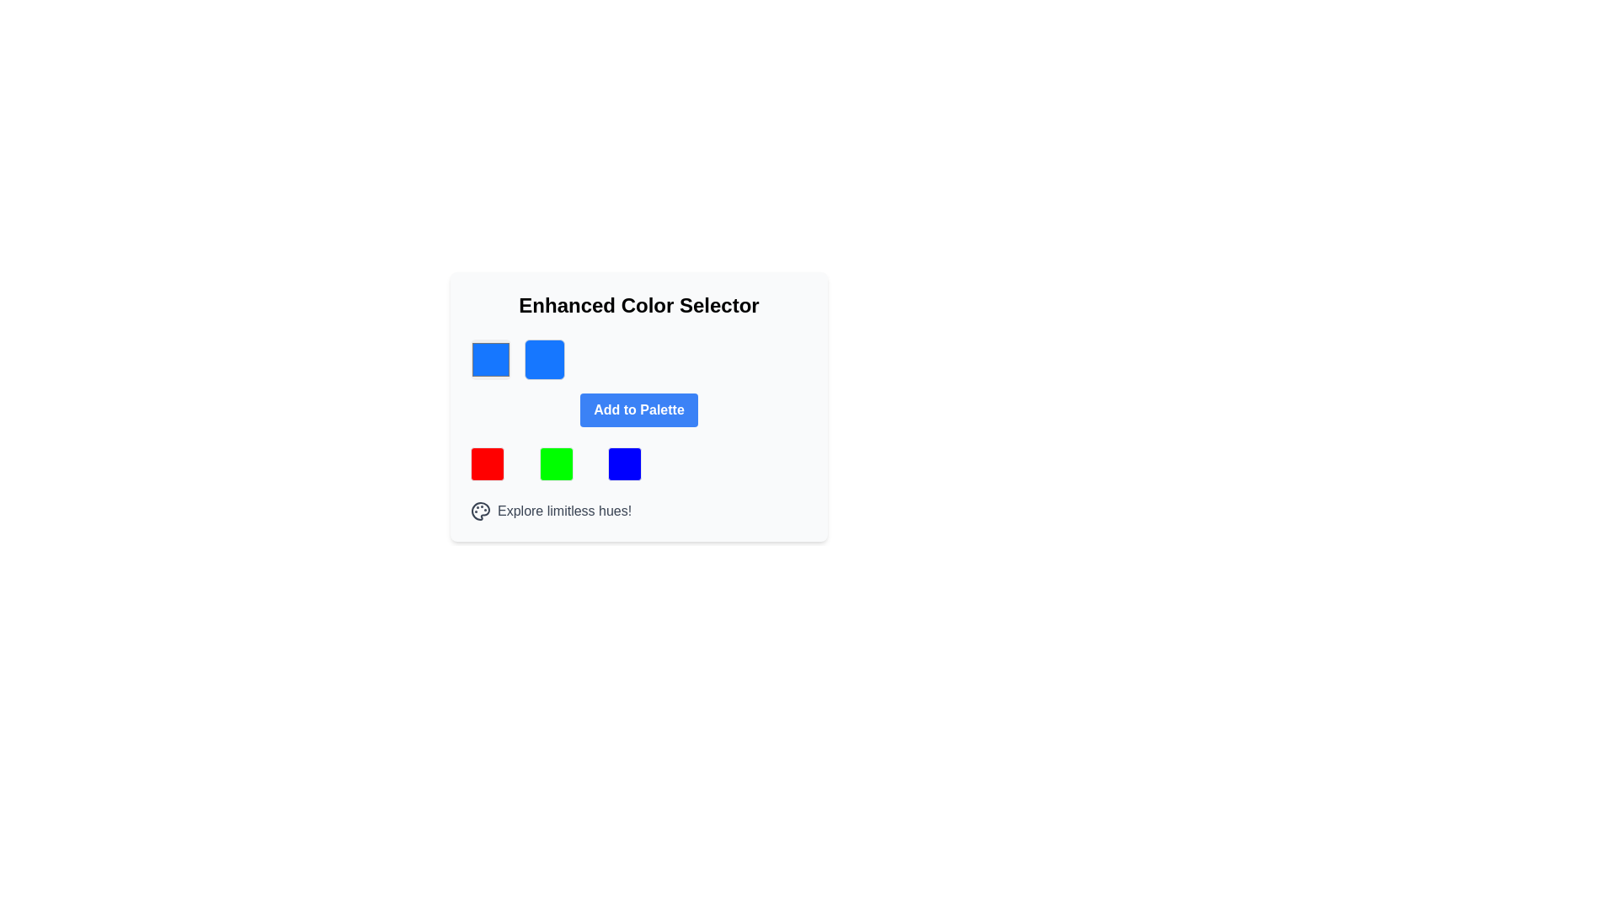  What do you see at coordinates (545, 359) in the screenshot?
I see `the style and color of the Colored preview square, which is the second square in a row of two, featuring a gradient blue color and a thin gray border` at bounding box center [545, 359].